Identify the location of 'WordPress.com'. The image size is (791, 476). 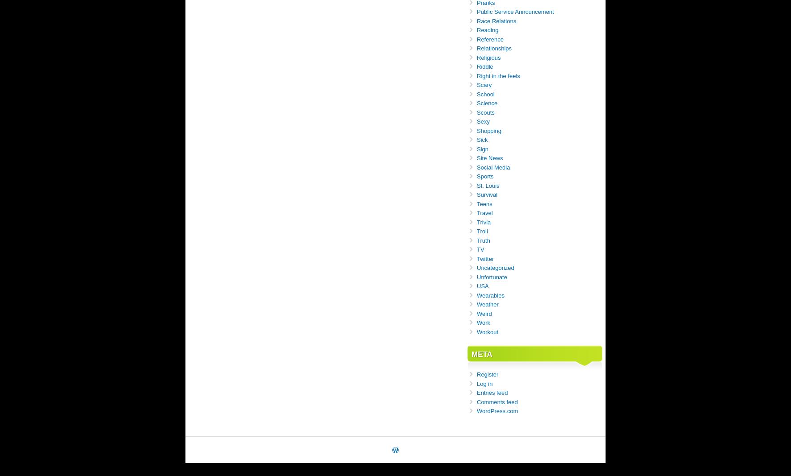
(476, 411).